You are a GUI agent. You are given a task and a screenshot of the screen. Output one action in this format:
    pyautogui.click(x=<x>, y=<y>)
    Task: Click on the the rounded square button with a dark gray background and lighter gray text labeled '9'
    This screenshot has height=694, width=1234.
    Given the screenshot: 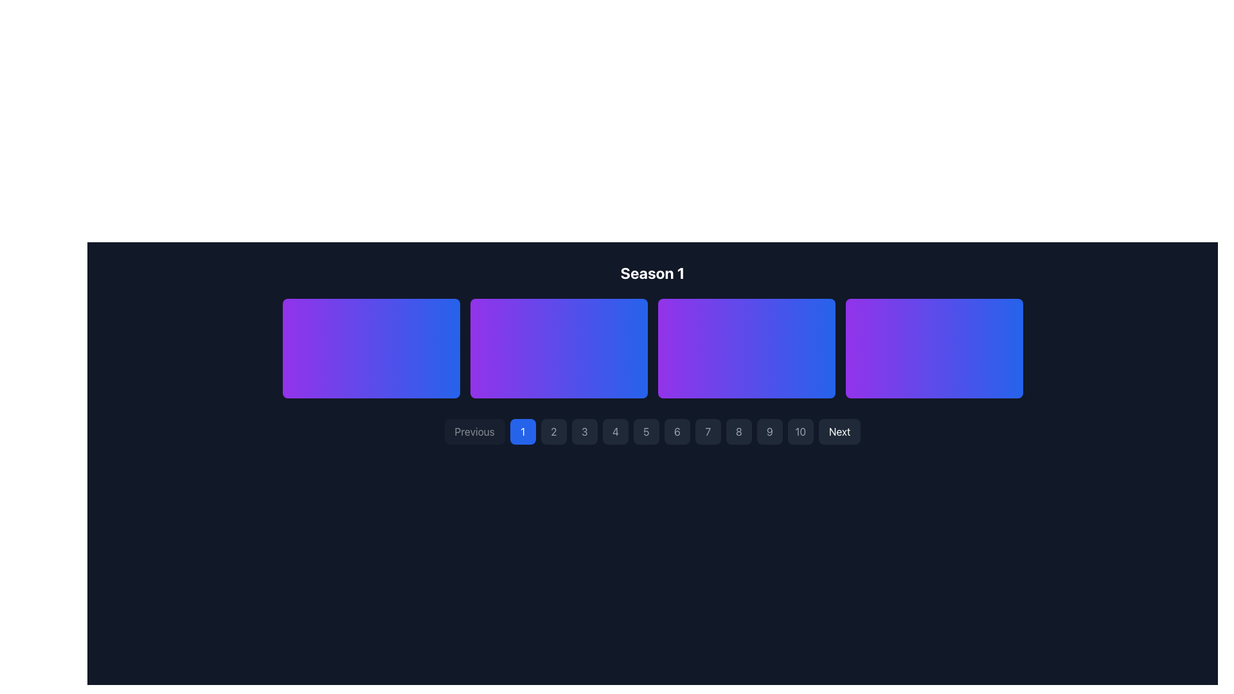 What is the action you would take?
    pyautogui.click(x=769, y=432)
    